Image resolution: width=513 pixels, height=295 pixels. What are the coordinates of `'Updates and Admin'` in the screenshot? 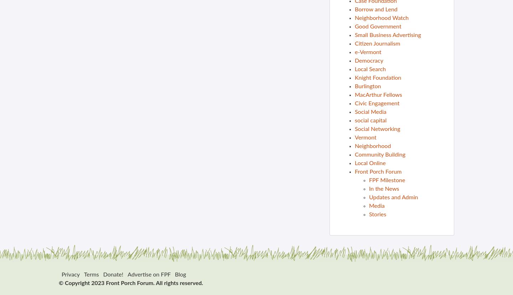 It's located at (393, 197).